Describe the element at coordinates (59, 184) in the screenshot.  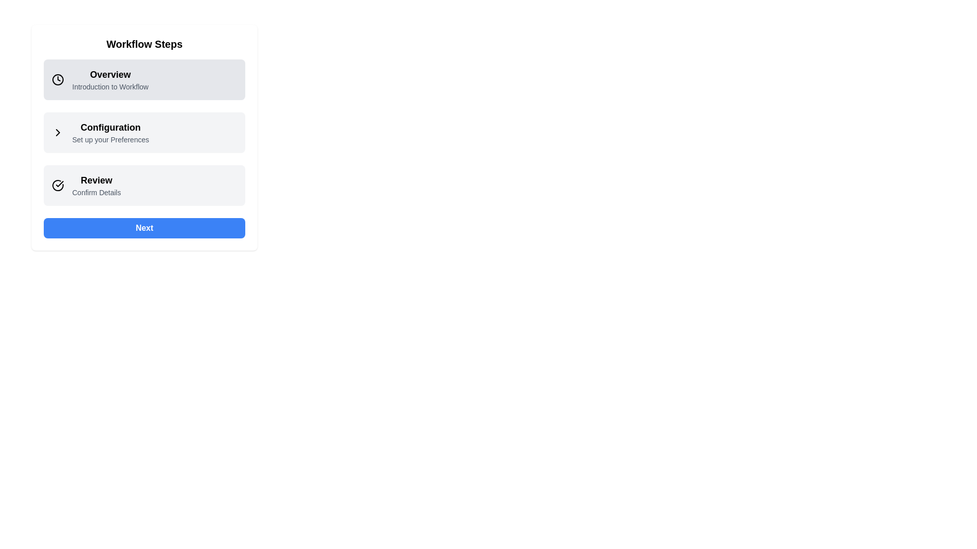
I see `the circular icon indicating the completion of the 'Review' step located to the left of the 'Review' text in the 'Workflow Steps' section` at that location.